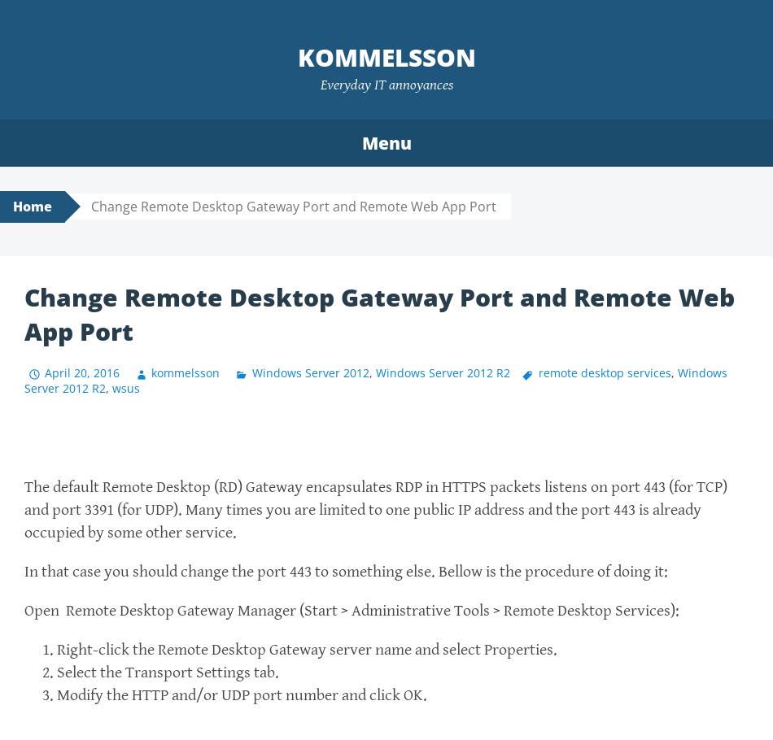 Image resolution: width=773 pixels, height=740 pixels. What do you see at coordinates (241, 694) in the screenshot?
I see `'Modify the HTTP and/or UDP port number and click OK.'` at bounding box center [241, 694].